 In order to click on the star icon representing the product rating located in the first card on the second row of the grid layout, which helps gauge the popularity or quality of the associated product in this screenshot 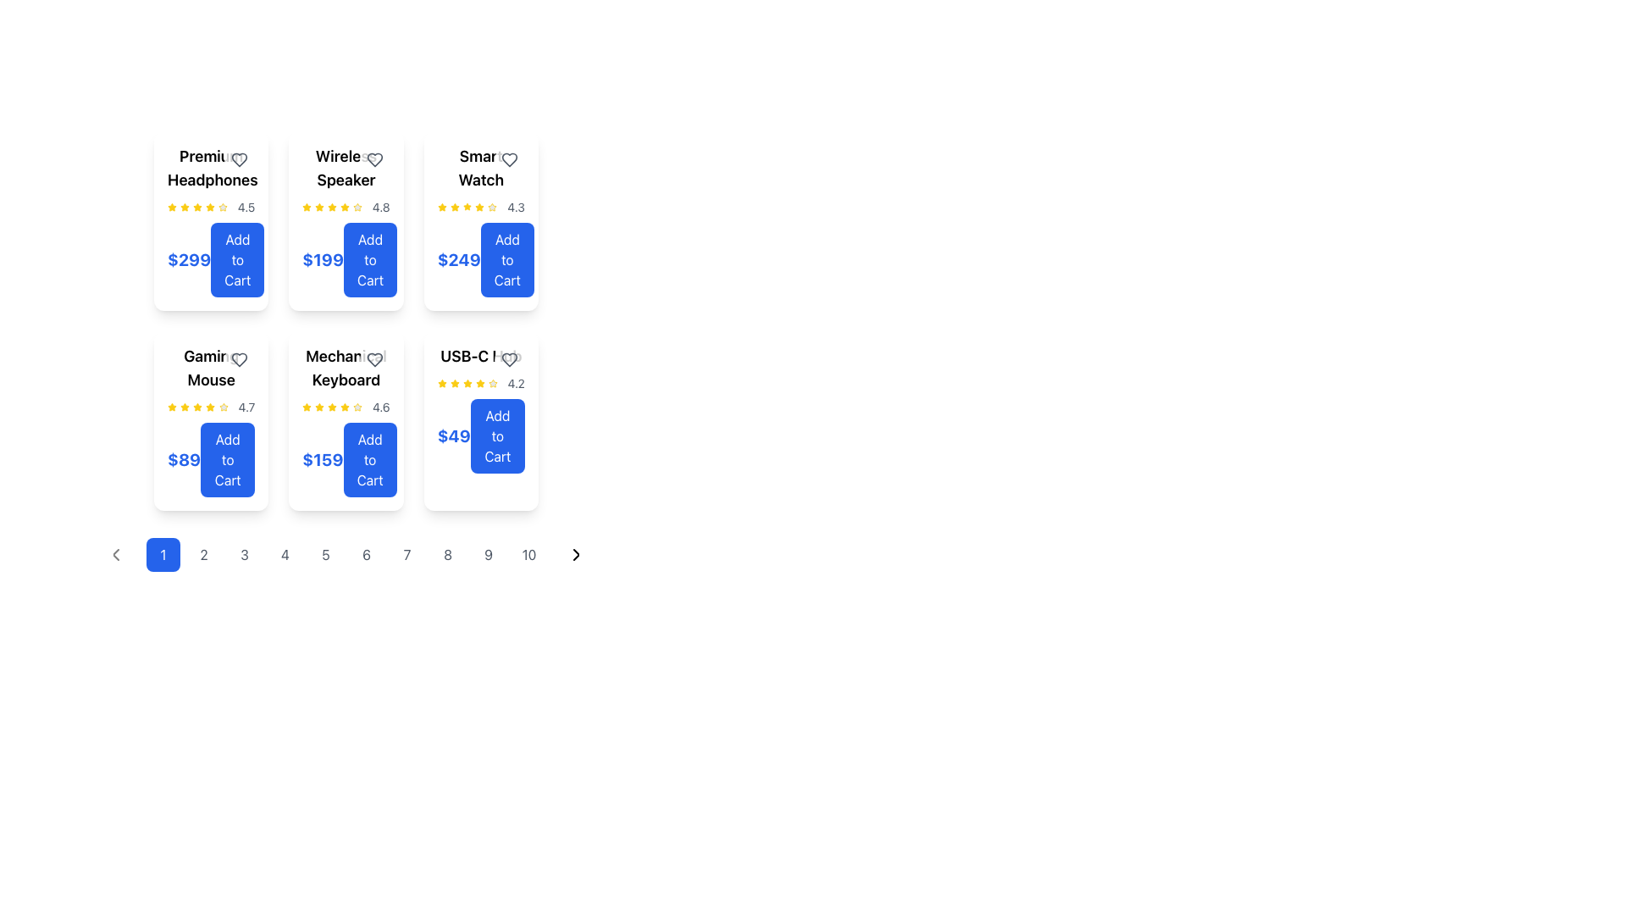, I will do `click(222, 206)`.